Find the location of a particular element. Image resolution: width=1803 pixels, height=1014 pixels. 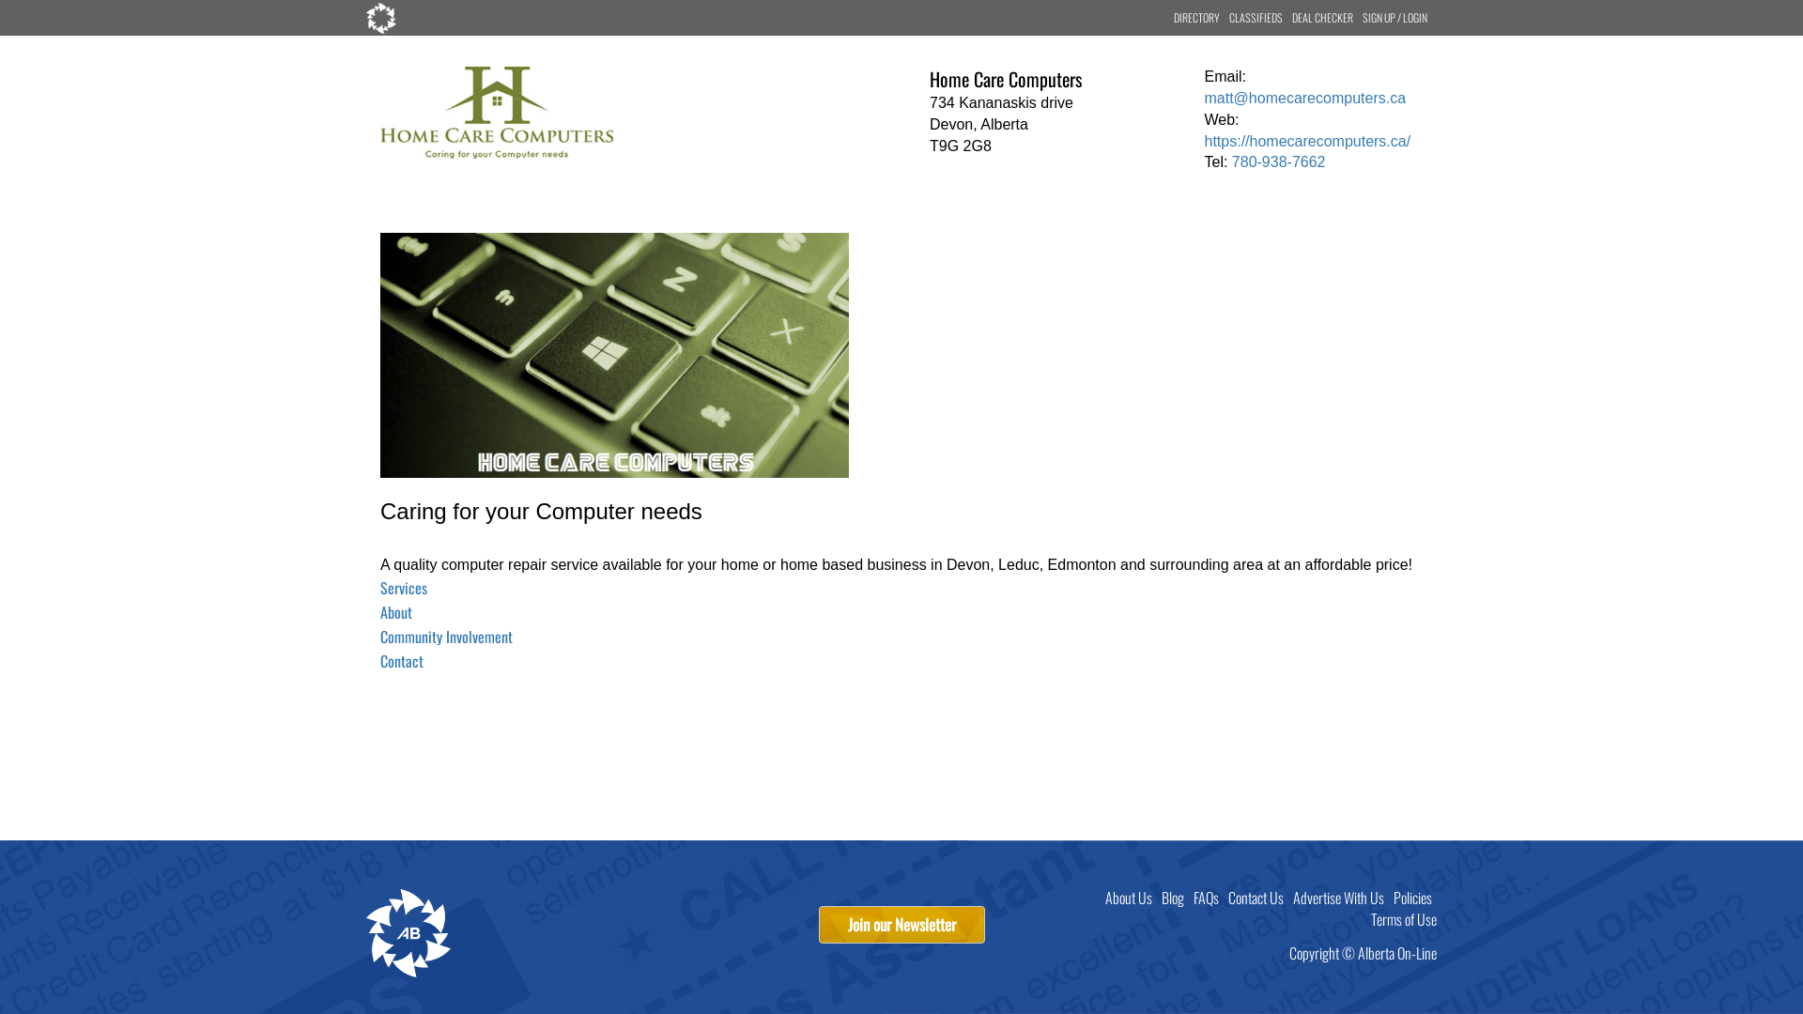

'Services' is located at coordinates (378, 588).